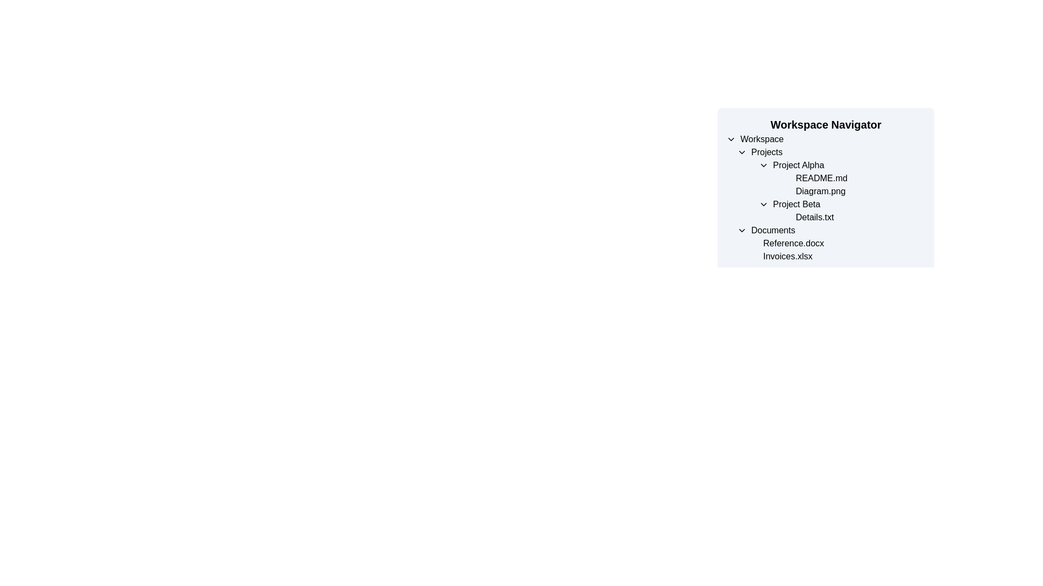 The width and height of the screenshot is (1043, 586). Describe the element at coordinates (761, 139) in the screenshot. I see `the 'Workspace' text label in the hierarchical navigation menu` at that location.